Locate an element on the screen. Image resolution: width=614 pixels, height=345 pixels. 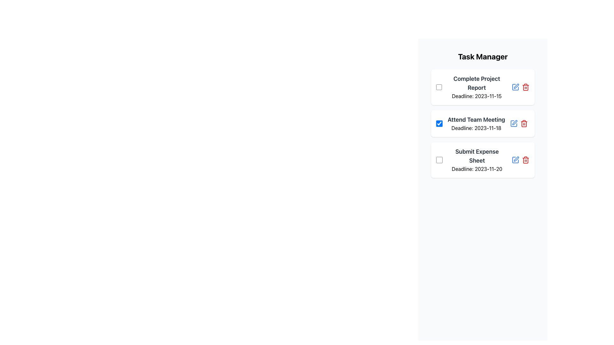
deadline information from the text label displaying 'Deadline: 2023-11-18', which is located in the second task block labeled 'Attend Team Meeting' is located at coordinates (476, 128).